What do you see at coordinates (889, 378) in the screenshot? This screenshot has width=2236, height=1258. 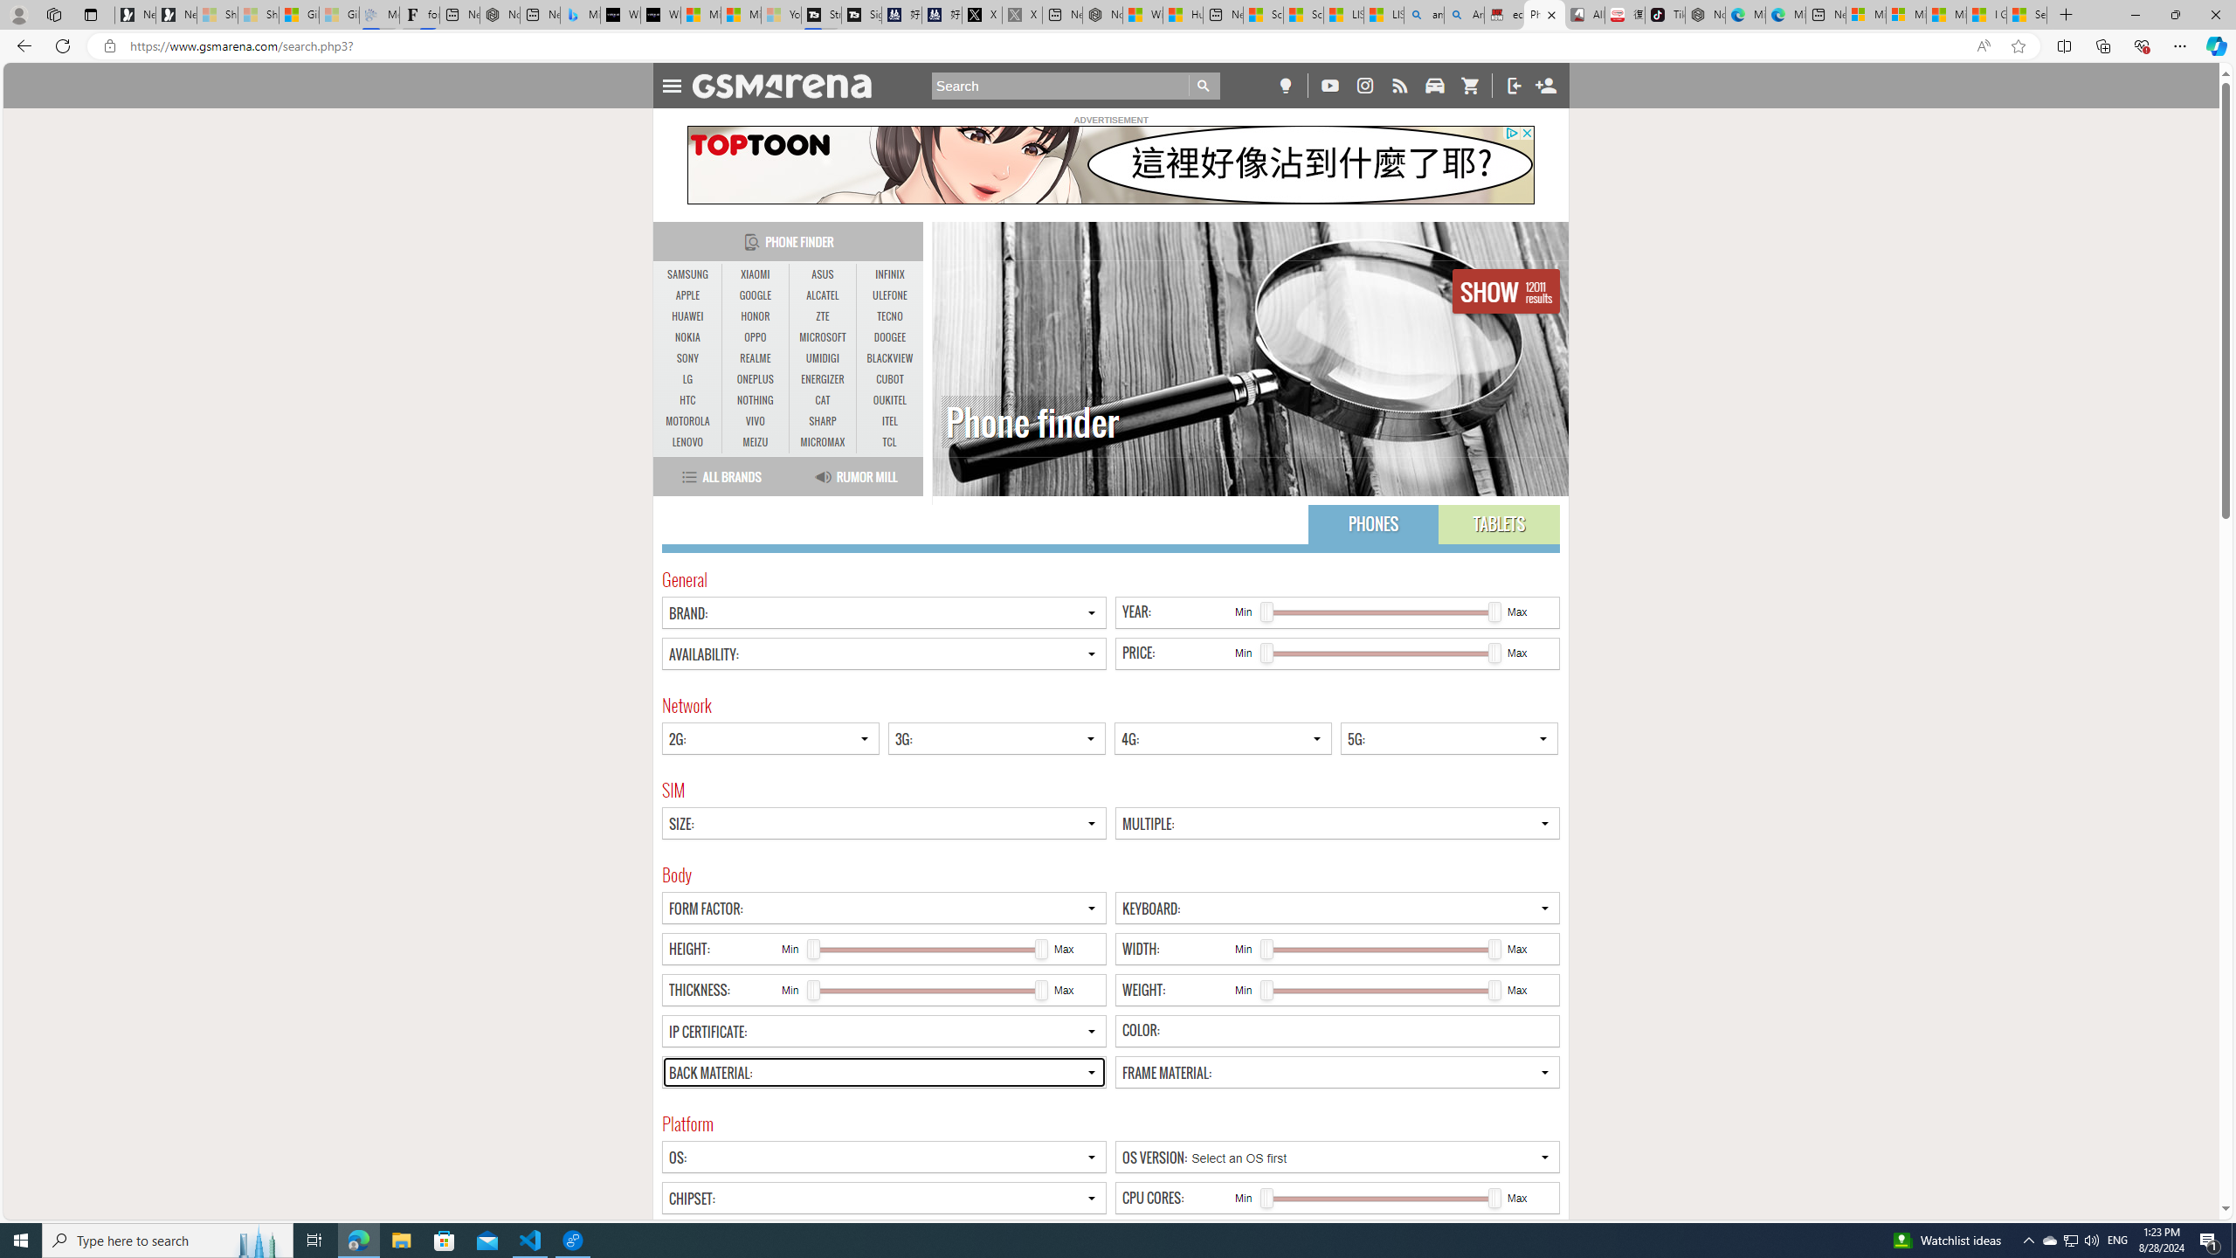 I see `'CUBOT'` at bounding box center [889, 378].